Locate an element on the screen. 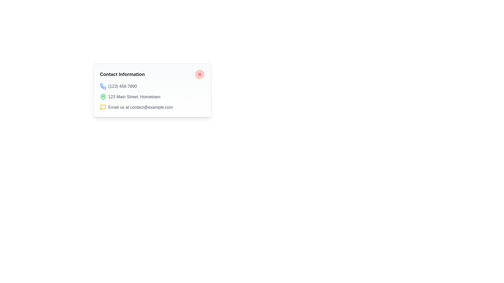 This screenshot has width=504, height=283. the phone contact icon located at the top left corner of the 'Contact Information' card, next to the phone number '(123) 456-7890' is located at coordinates (103, 86).